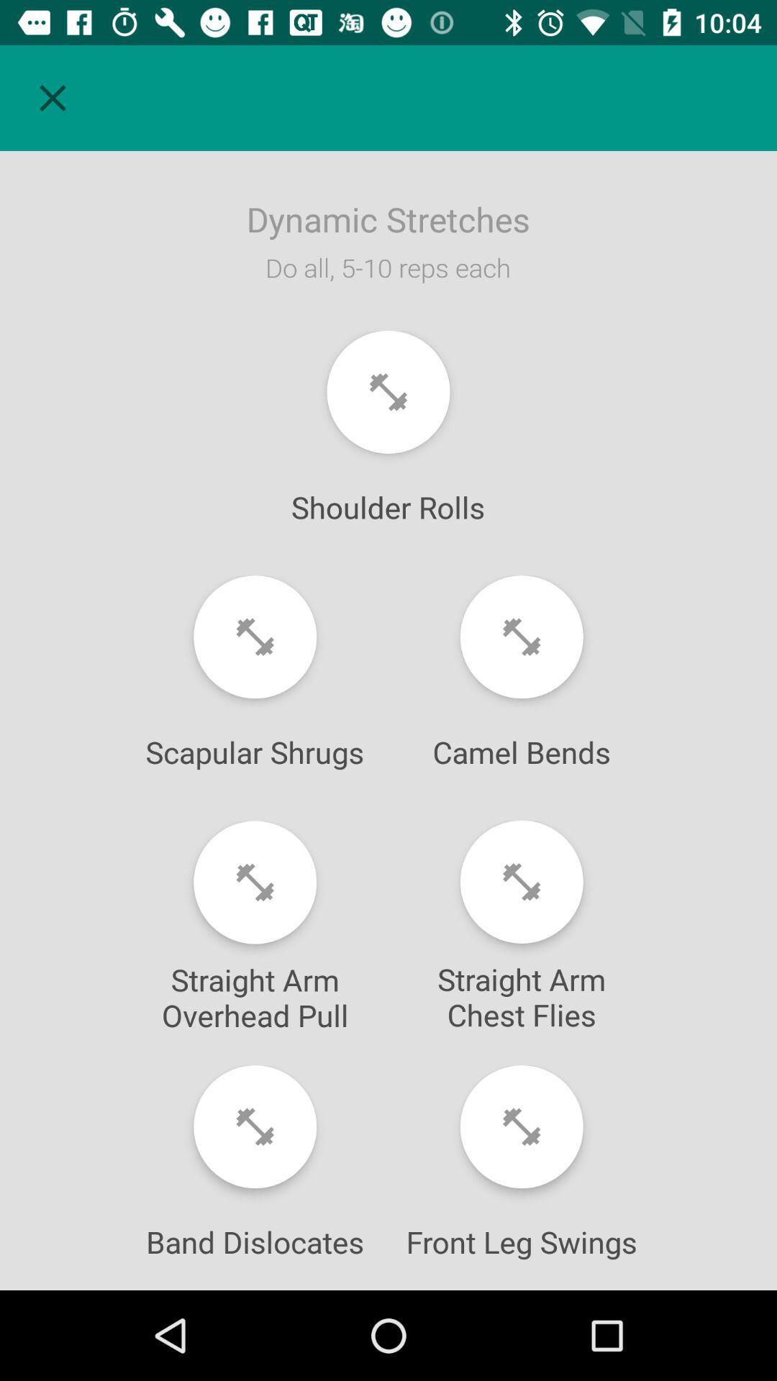 The image size is (777, 1381). What do you see at coordinates (254, 882) in the screenshot?
I see `straight arm overhead pull` at bounding box center [254, 882].